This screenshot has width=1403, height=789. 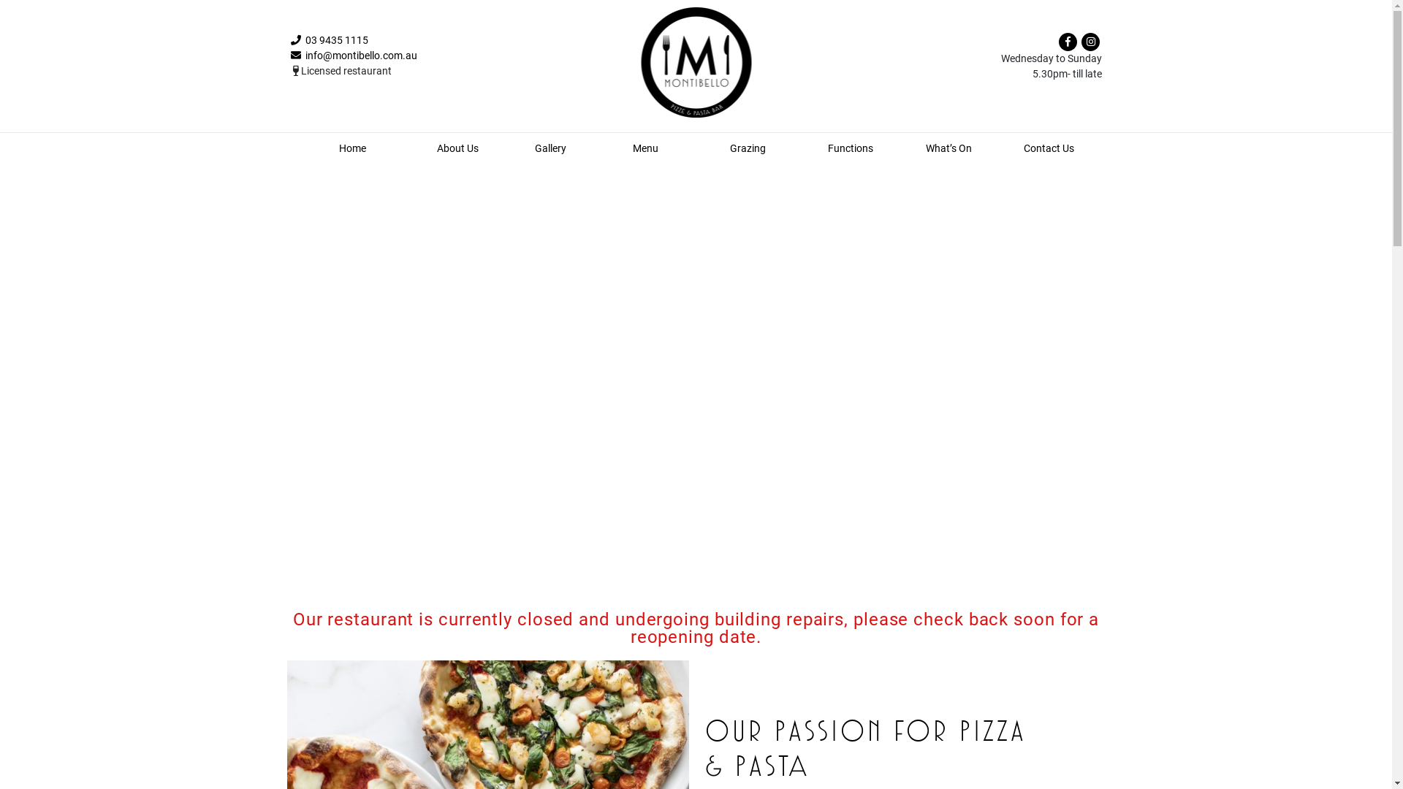 I want to click on 'Contact Us', so click(x=1048, y=148).